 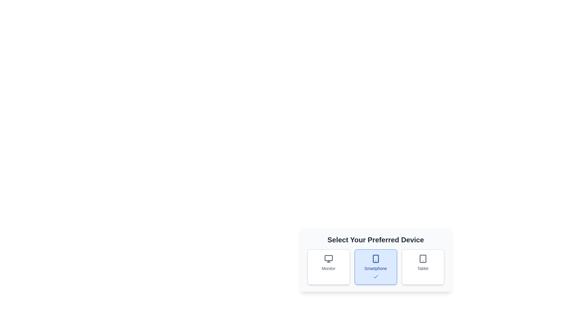 I want to click on the 'Monitor' icon element that resembles a monitor with a dark outline and light background, located within the leftmost option of a horizontal selection group labeled 'Select Your Preferred Device.', so click(x=328, y=259).